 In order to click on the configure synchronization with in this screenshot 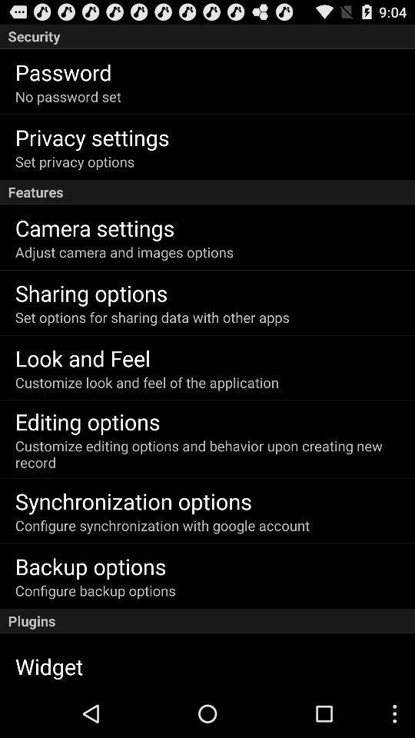, I will do `click(161, 525)`.